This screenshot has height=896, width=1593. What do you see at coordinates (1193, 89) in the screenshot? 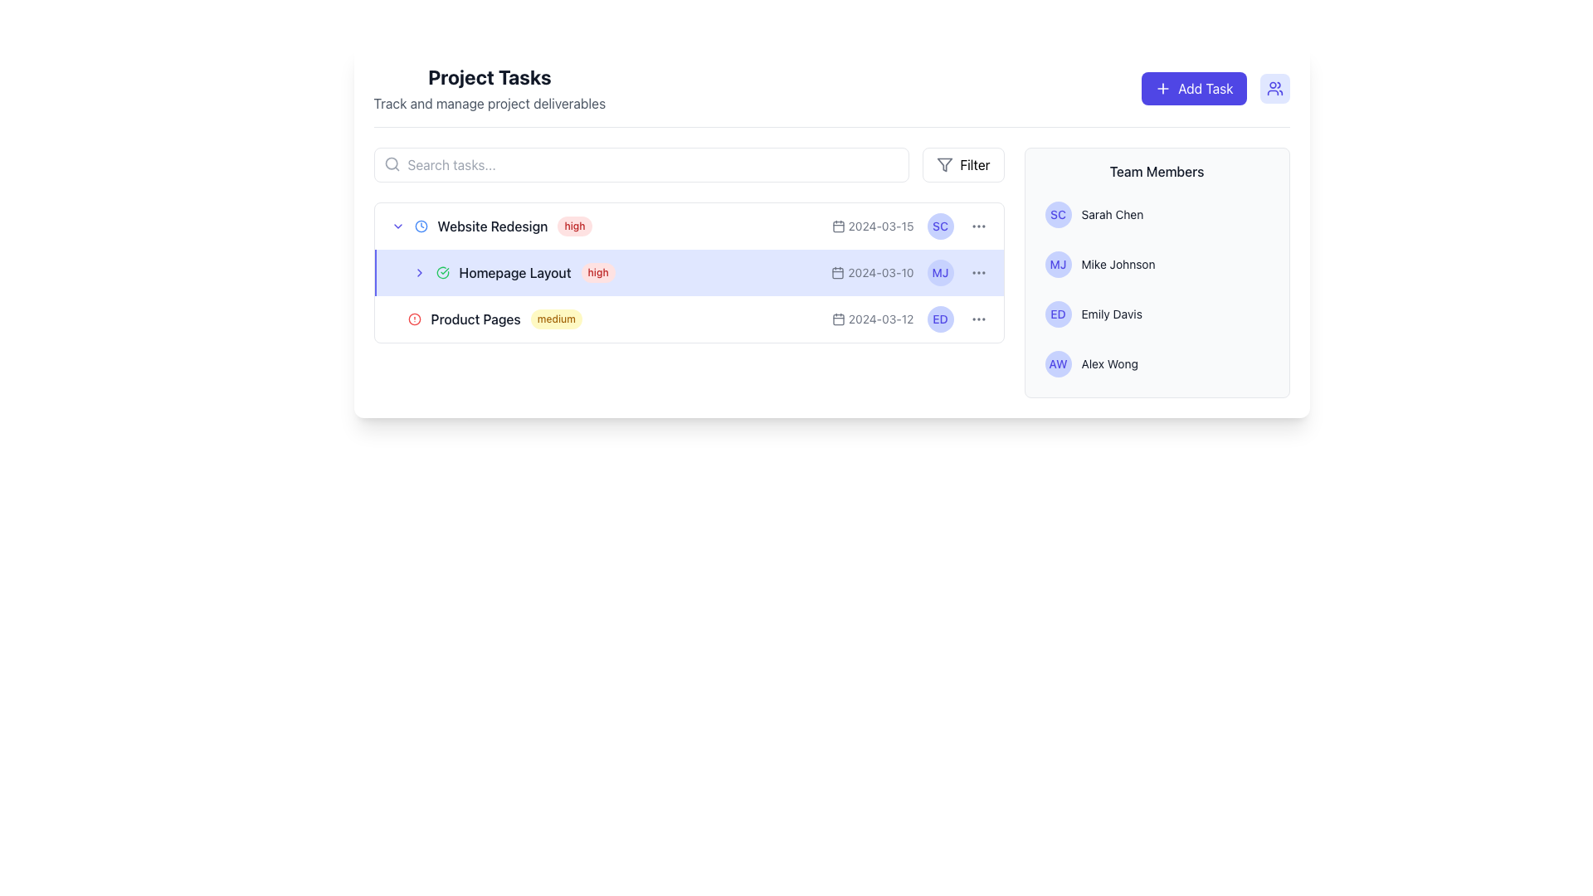
I see `the button located in the top-right section of the interface, which allows users` at bounding box center [1193, 89].